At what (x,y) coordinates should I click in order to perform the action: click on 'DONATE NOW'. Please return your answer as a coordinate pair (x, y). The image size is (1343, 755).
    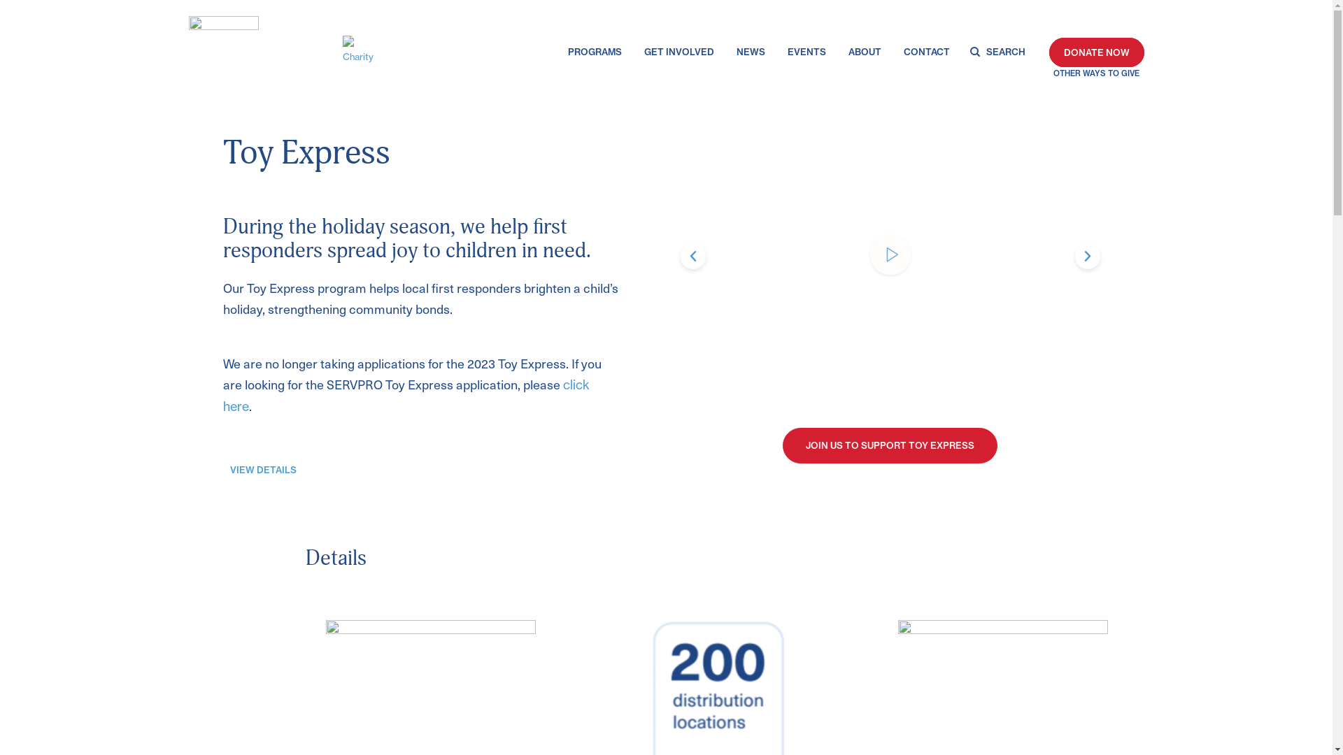
    Looking at the image, I should click on (1096, 51).